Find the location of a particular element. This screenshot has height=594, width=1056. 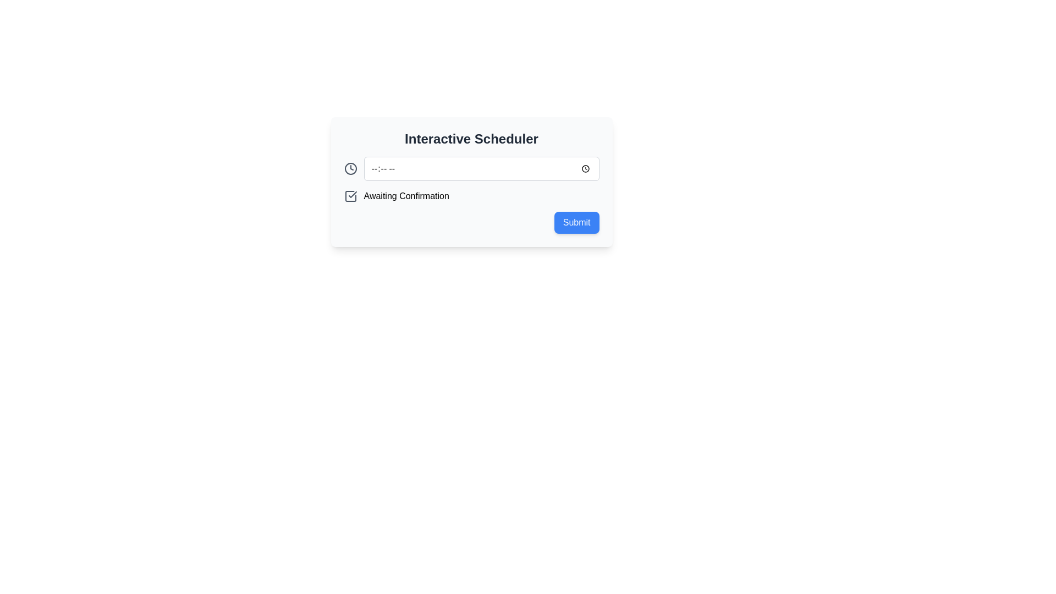

the SVG circle element that represents the clock face within the clock icon on the left side of the input field displaying '--:-- --' is located at coordinates (350, 169).